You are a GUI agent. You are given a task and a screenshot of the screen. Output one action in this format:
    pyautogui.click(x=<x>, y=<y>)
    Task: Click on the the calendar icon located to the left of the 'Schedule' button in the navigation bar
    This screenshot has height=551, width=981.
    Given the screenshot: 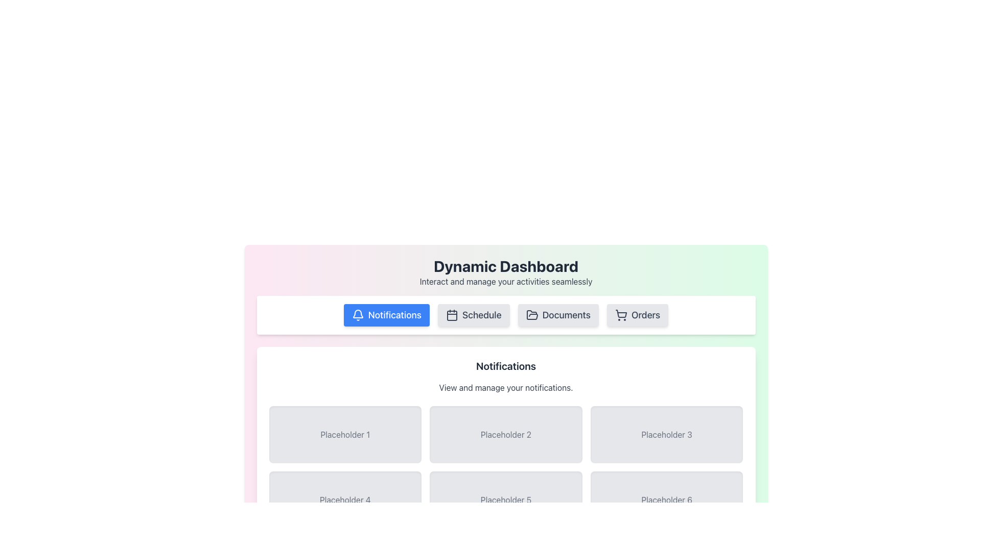 What is the action you would take?
    pyautogui.click(x=451, y=314)
    